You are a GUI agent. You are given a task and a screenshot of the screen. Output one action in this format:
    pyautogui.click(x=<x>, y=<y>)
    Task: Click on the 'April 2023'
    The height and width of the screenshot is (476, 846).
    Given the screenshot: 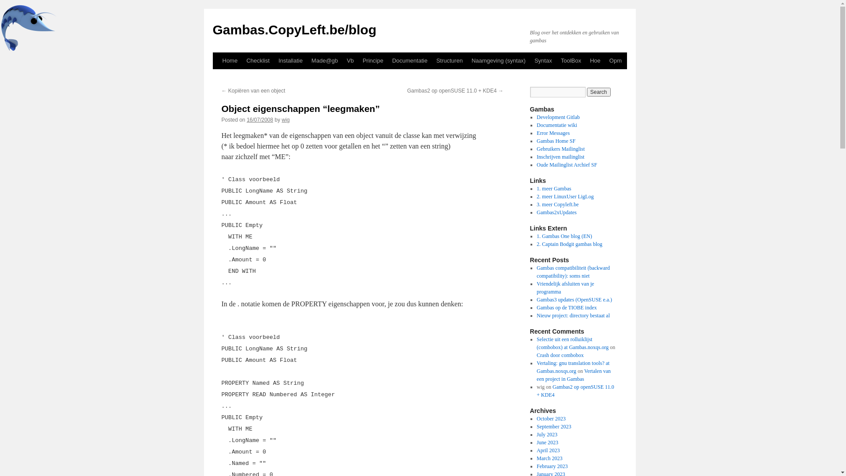 What is the action you would take?
    pyautogui.click(x=547, y=450)
    